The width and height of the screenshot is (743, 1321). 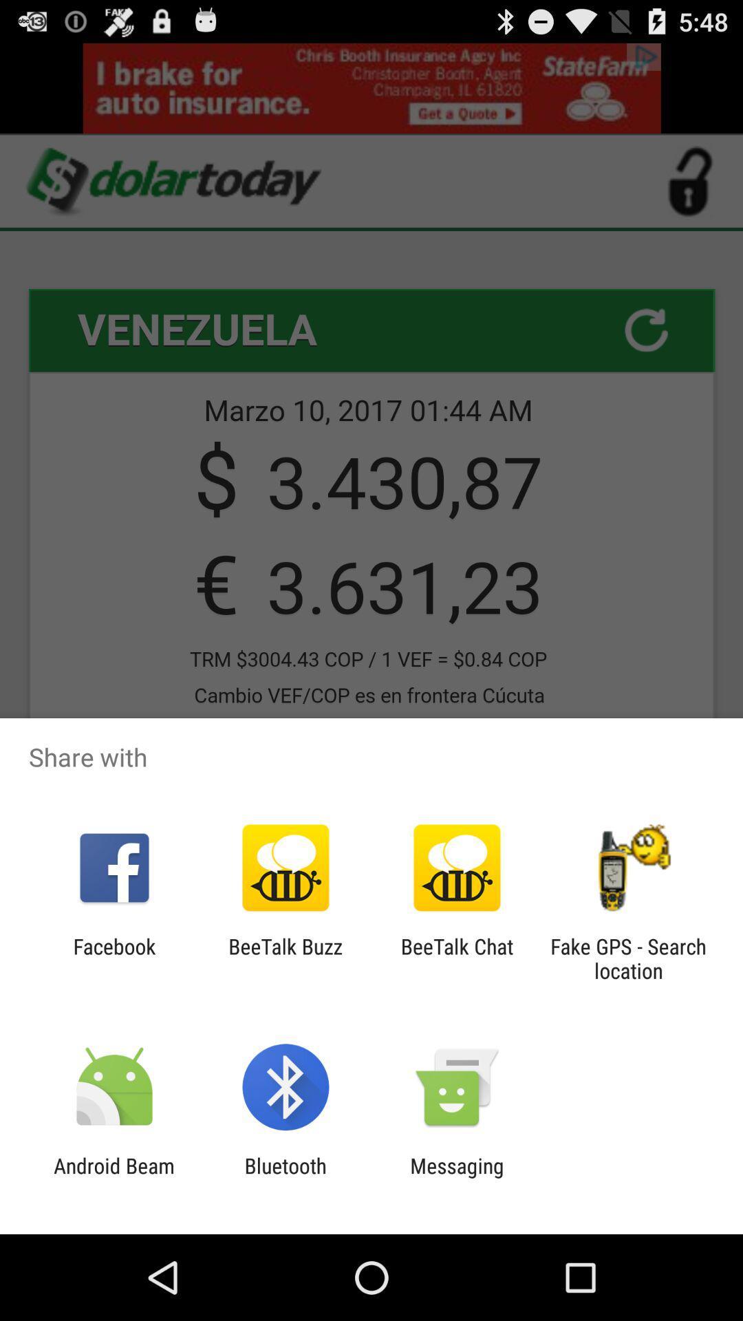 What do you see at coordinates (628, 958) in the screenshot?
I see `icon to the right of beetalk chat item` at bounding box center [628, 958].